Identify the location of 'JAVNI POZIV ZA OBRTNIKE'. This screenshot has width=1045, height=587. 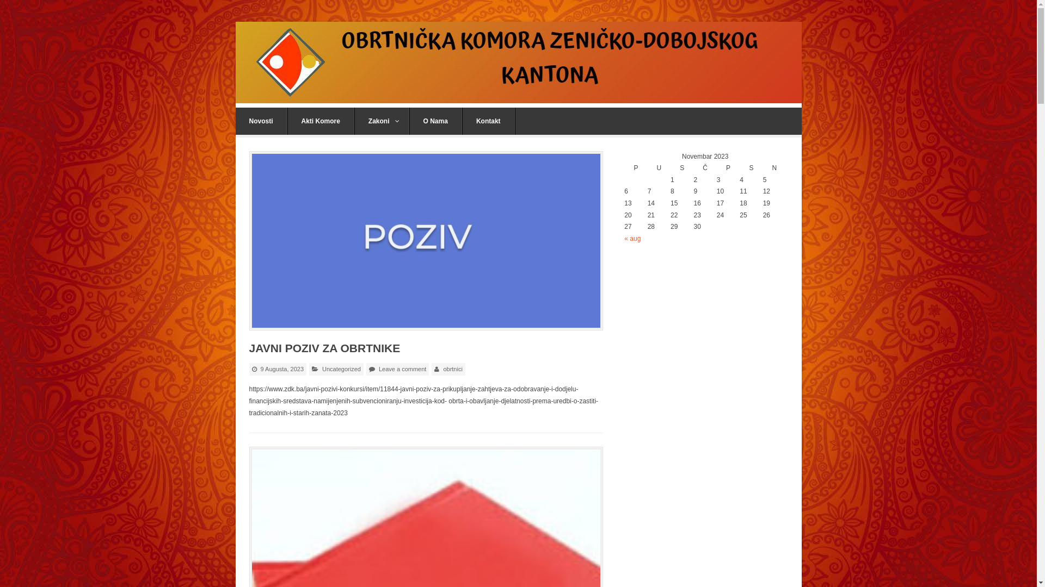
(248, 348).